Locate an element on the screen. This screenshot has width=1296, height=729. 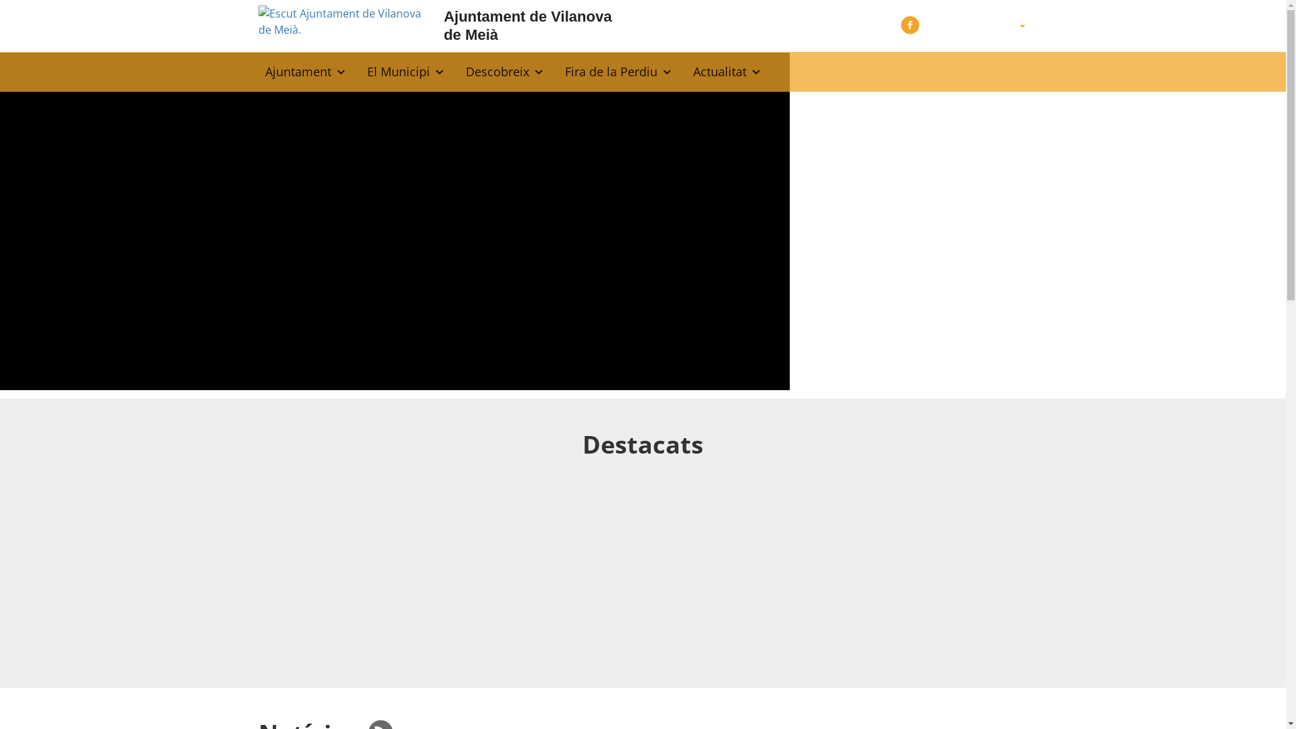
'Actualitat' is located at coordinates (726, 72).